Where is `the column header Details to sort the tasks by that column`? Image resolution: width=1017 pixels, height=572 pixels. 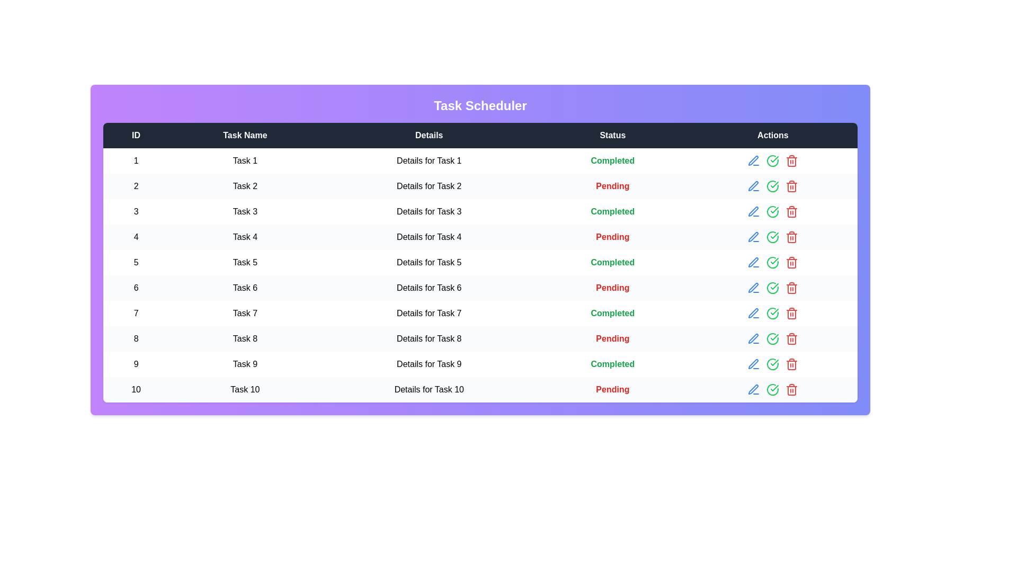
the column header Details to sort the tasks by that column is located at coordinates (429, 135).